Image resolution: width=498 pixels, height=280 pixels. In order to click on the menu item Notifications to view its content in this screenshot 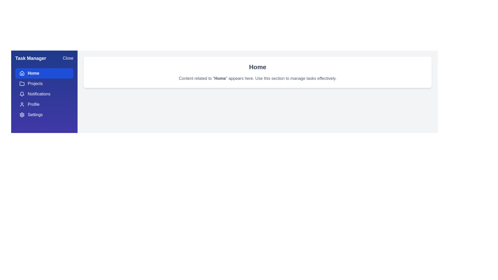, I will do `click(44, 94)`.